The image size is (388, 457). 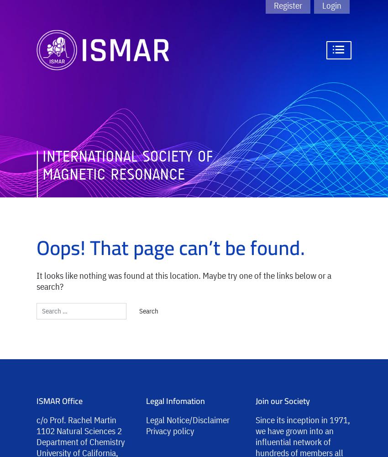 What do you see at coordinates (288, 5) in the screenshot?
I see `'Register'` at bounding box center [288, 5].